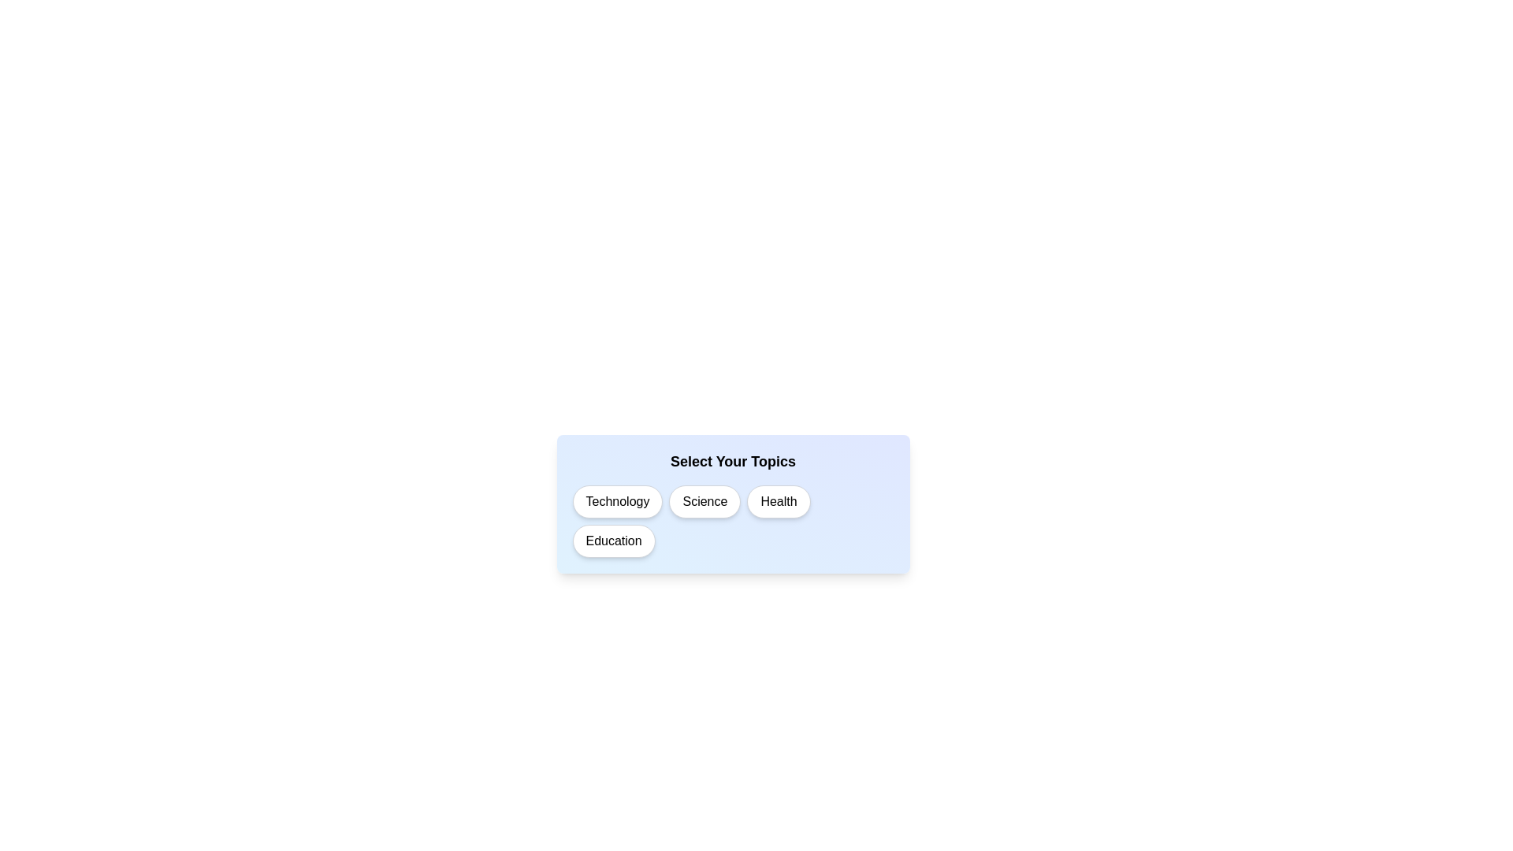 The width and height of the screenshot is (1513, 851). Describe the element at coordinates (704, 501) in the screenshot. I see `the topic Science to observe its visual feedback` at that location.